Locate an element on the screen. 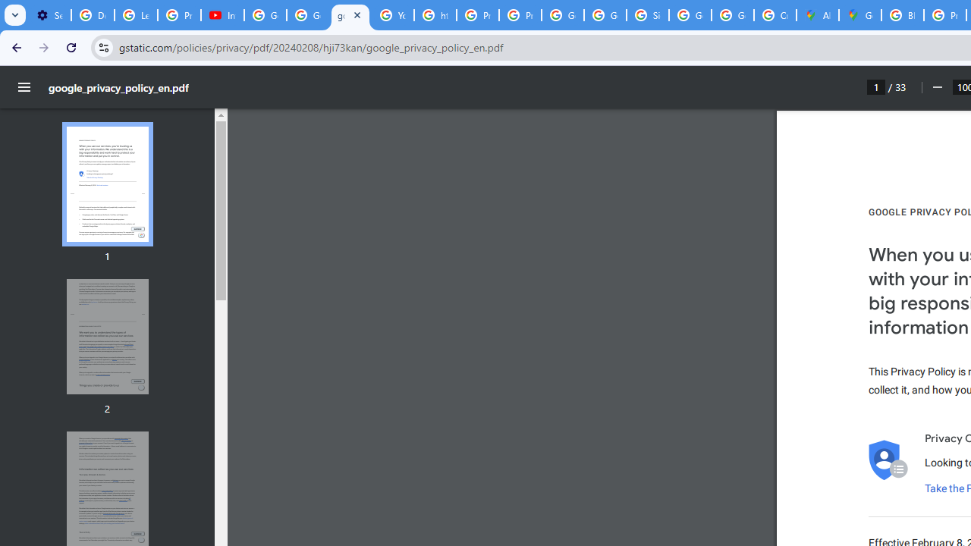 This screenshot has width=971, height=546. 'Thumbnail for page 2' is located at coordinates (106, 336).